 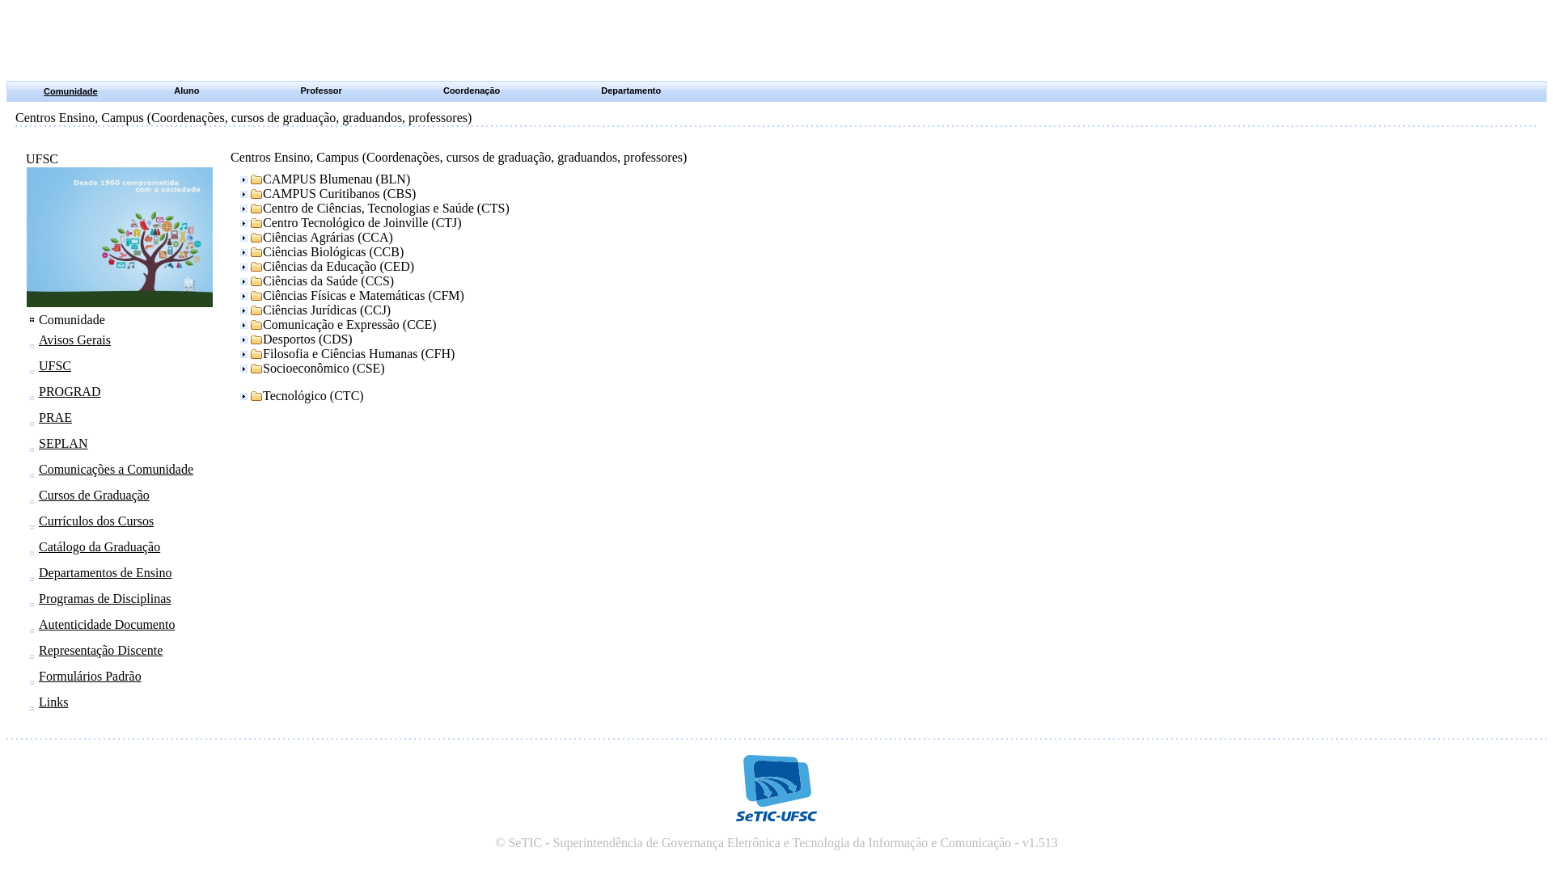 I want to click on 'Aluno', so click(x=189, y=91).